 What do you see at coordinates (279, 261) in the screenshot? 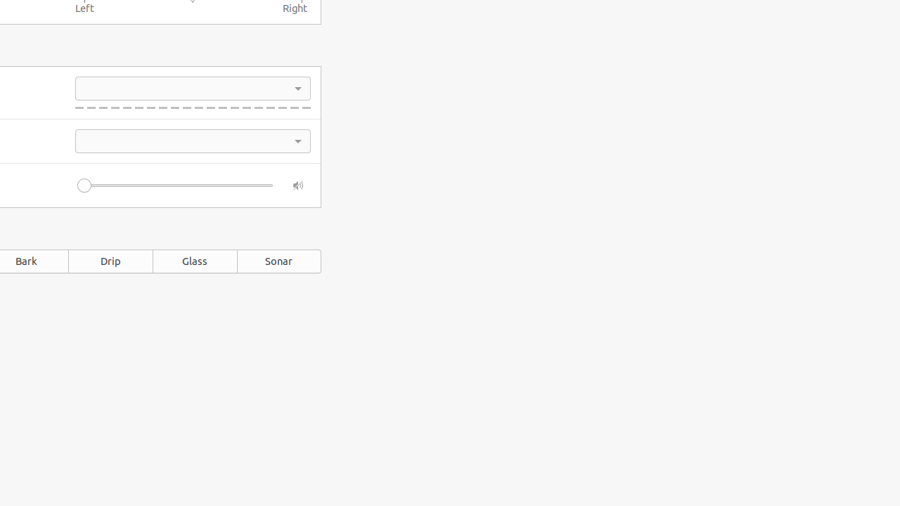
I see `'Sonar'` at bounding box center [279, 261].